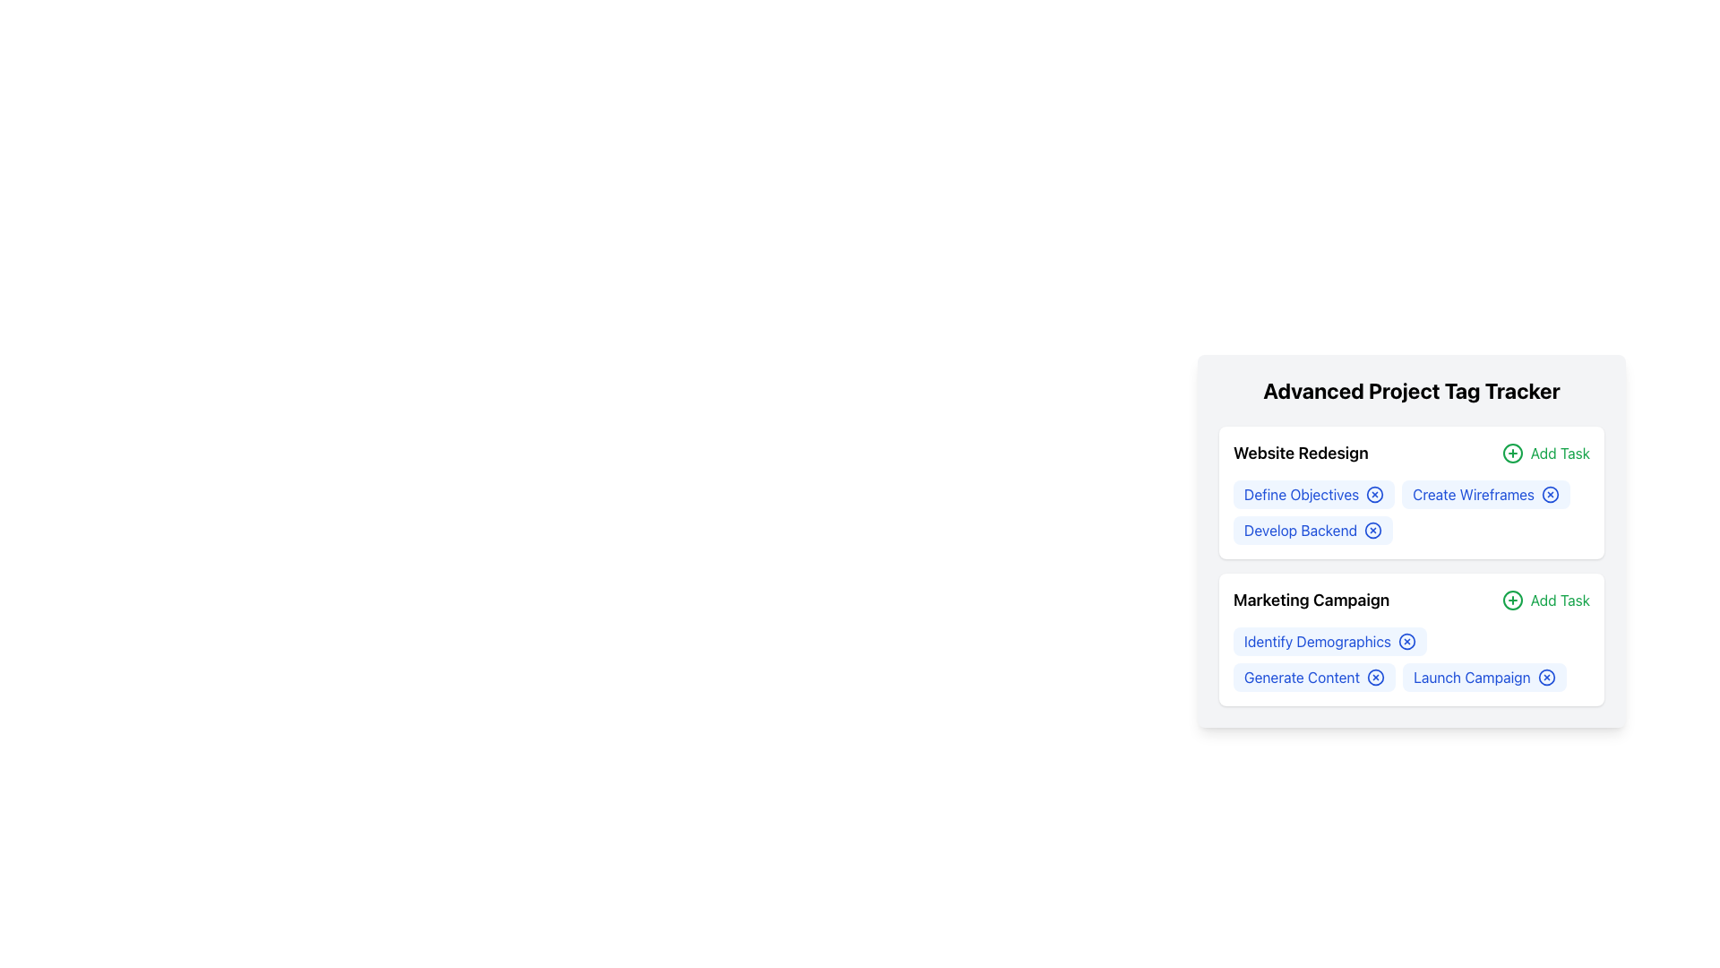 The height and width of the screenshot is (968, 1720). What do you see at coordinates (1550, 494) in the screenshot?
I see `the icon button shaped like an outlined circle with a cross, located to the right of the 'Create Wireframes' text` at bounding box center [1550, 494].